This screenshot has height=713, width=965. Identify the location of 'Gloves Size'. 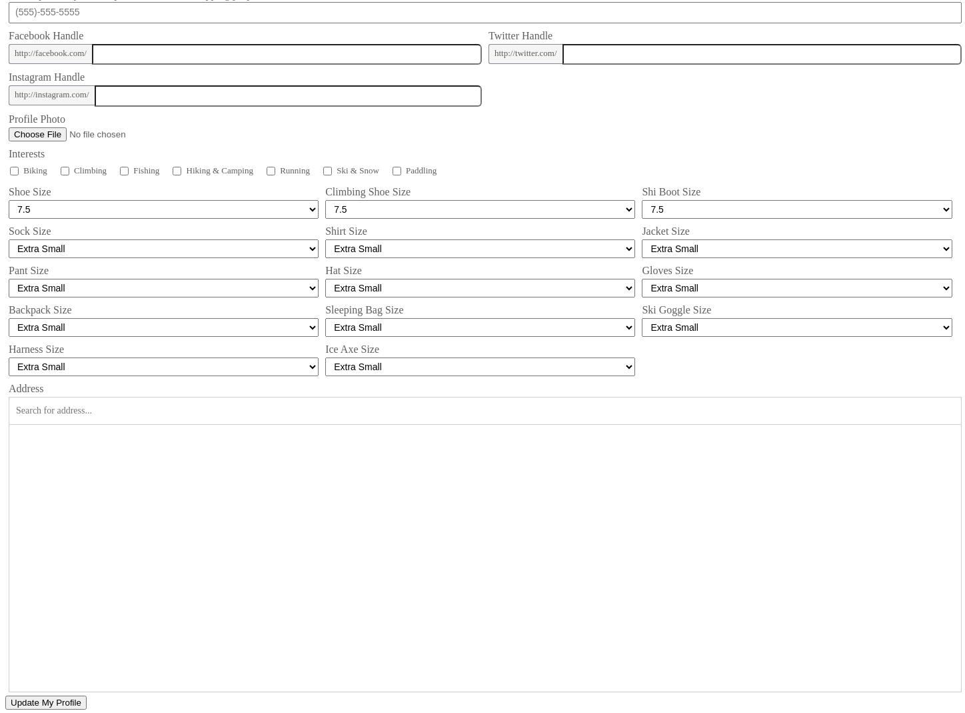
(666, 270).